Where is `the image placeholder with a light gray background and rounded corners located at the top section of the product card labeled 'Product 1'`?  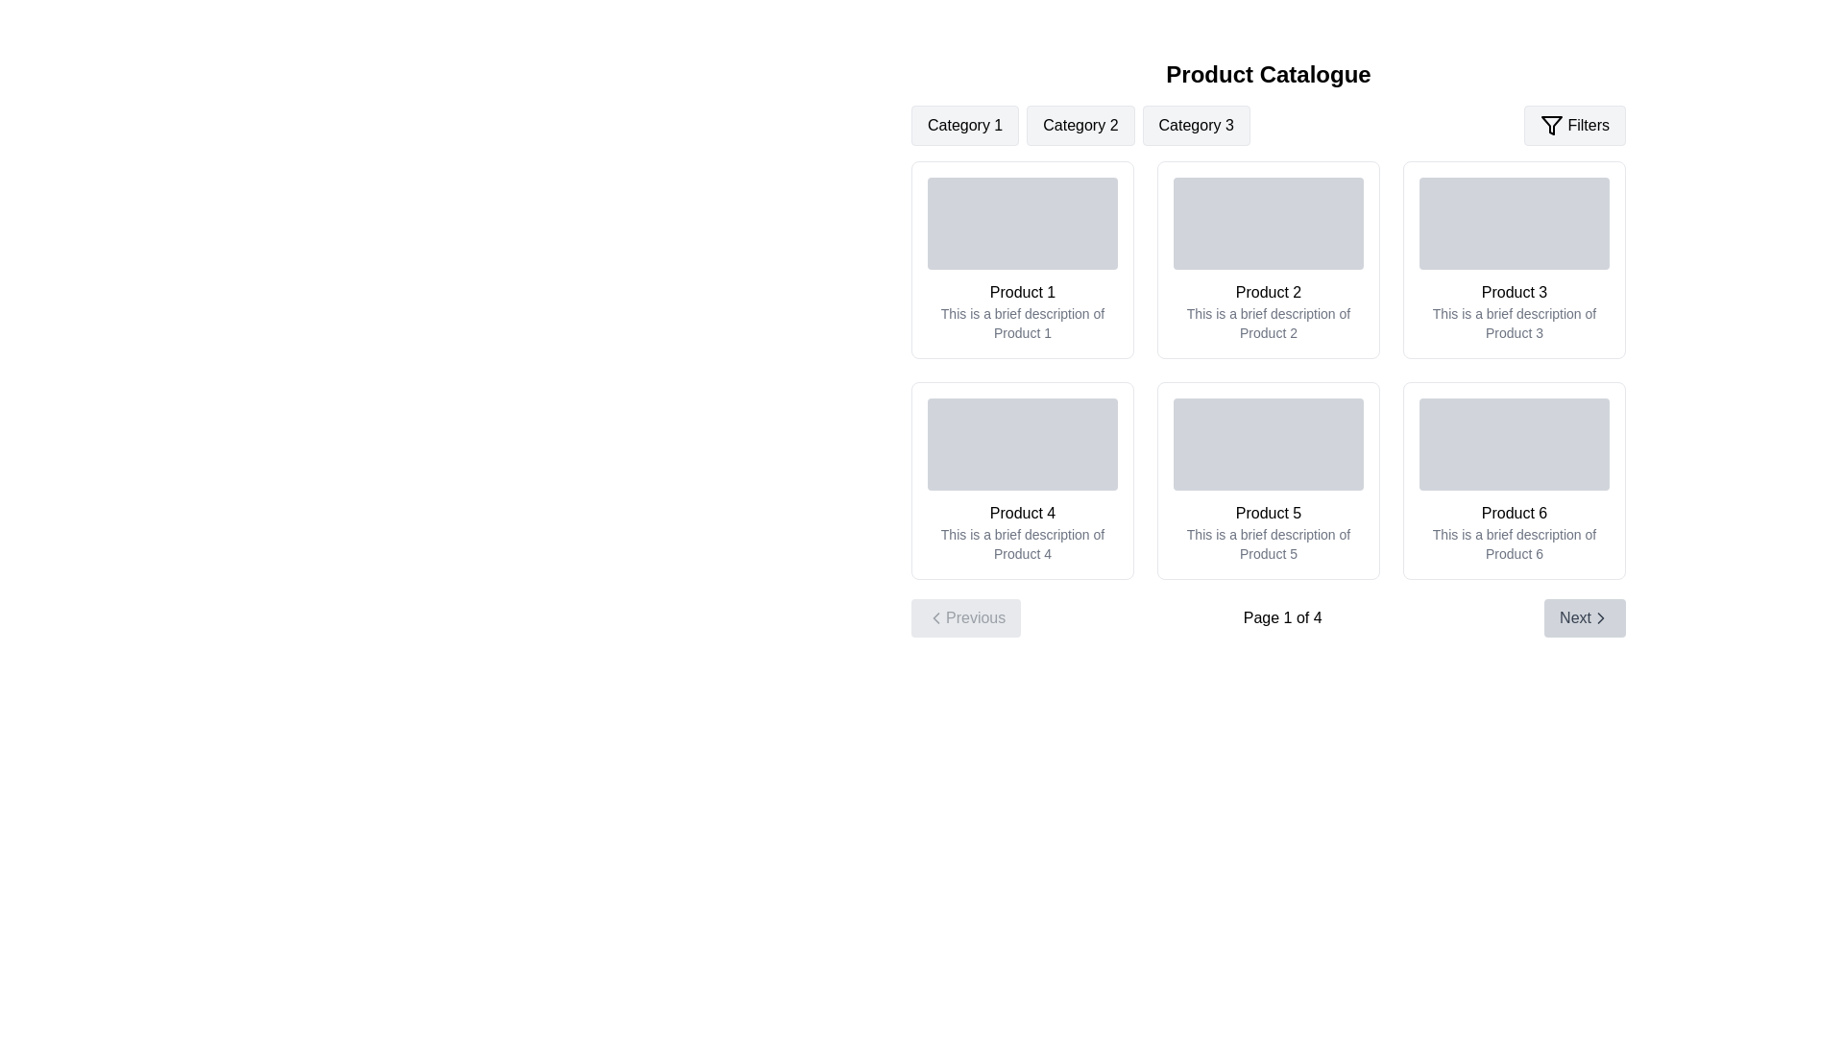
the image placeholder with a light gray background and rounded corners located at the top section of the product card labeled 'Product 1' is located at coordinates (1022, 222).